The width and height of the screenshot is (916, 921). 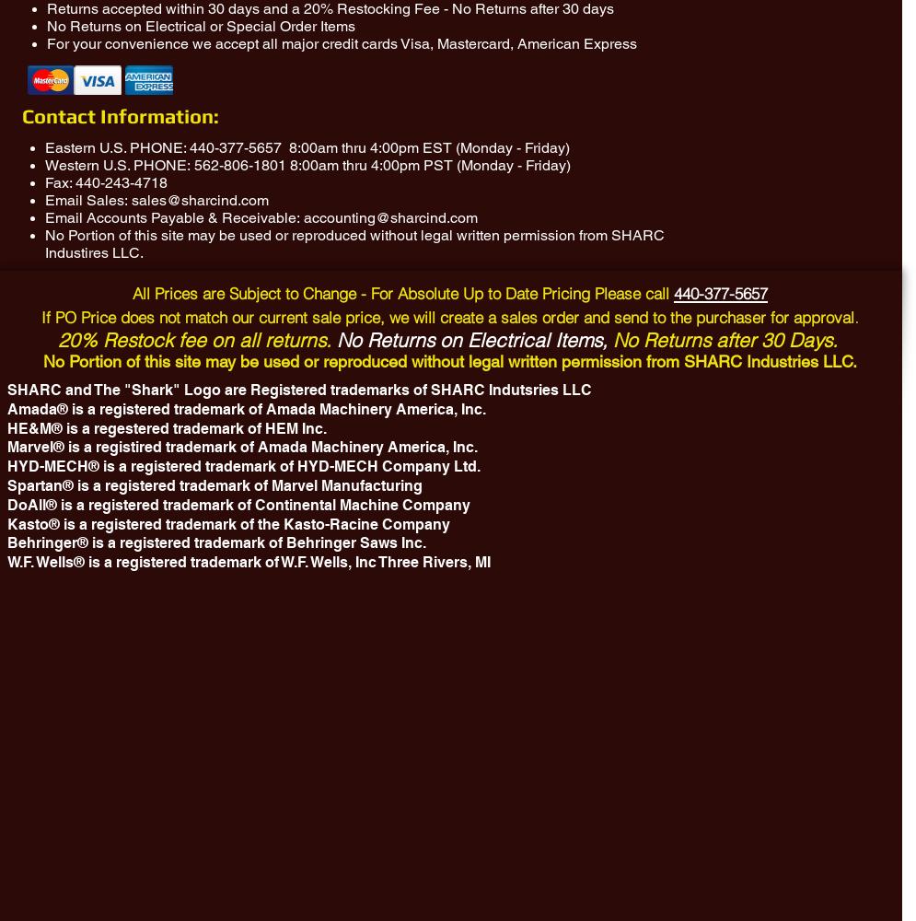 What do you see at coordinates (725, 339) in the screenshot?
I see `'No Returns after 30 Days.'` at bounding box center [725, 339].